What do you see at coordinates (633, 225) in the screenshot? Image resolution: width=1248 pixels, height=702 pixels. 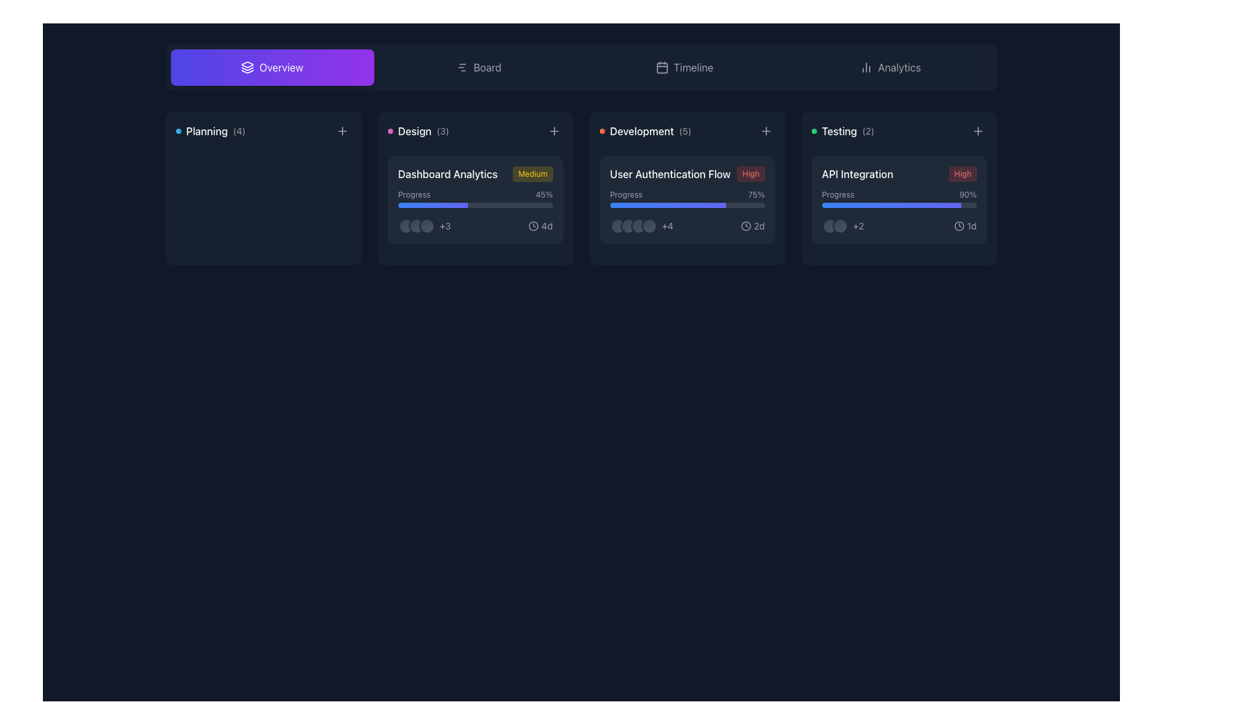 I see `the group of circular icons representing individual items or users in the 'Development' section card, located below the progress bar and to the left of the 'view more' label` at bounding box center [633, 225].